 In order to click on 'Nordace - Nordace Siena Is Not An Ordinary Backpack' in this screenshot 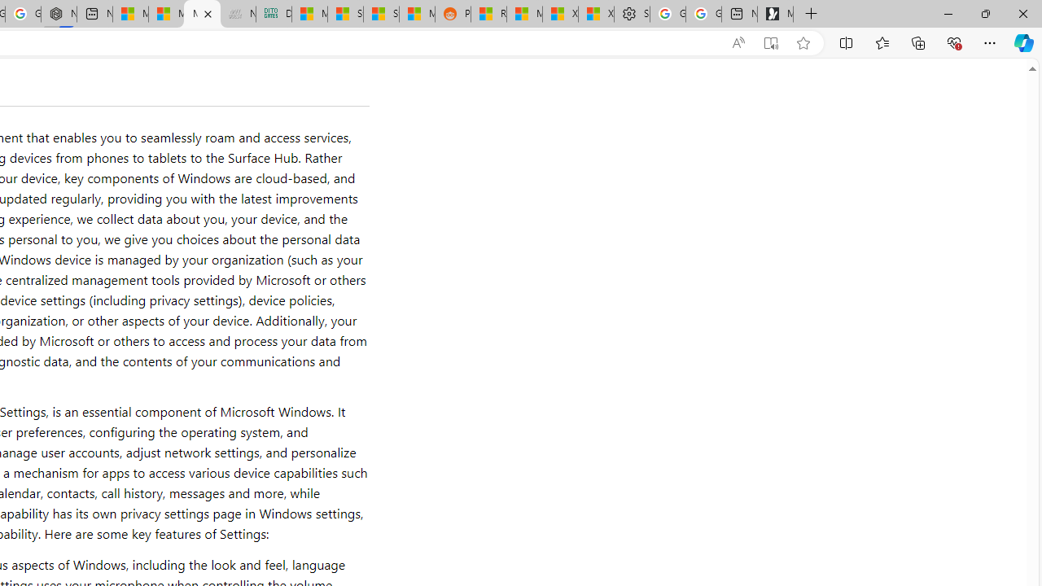, I will do `click(59, 14)`.